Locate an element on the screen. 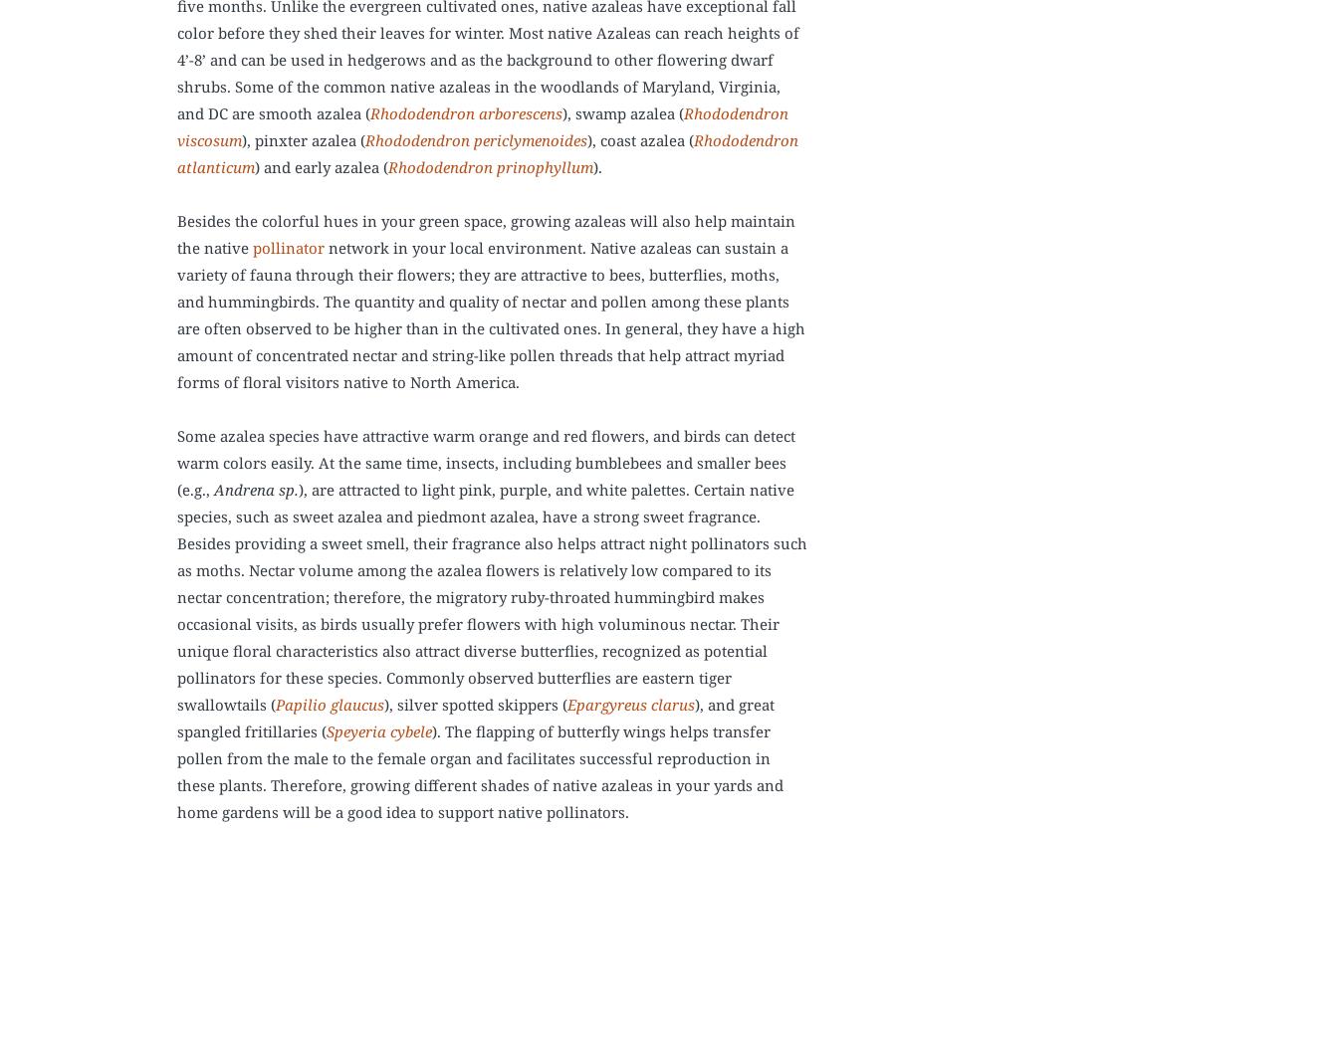 This screenshot has width=1344, height=1037. 'Rhododendron atlanticum' is located at coordinates (177, 152).